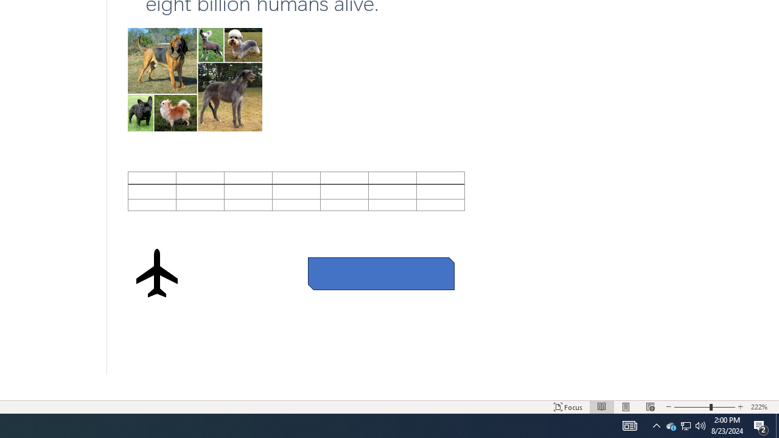 This screenshot has height=438, width=779. What do you see at coordinates (705, 407) in the screenshot?
I see `'Text Size'` at bounding box center [705, 407].